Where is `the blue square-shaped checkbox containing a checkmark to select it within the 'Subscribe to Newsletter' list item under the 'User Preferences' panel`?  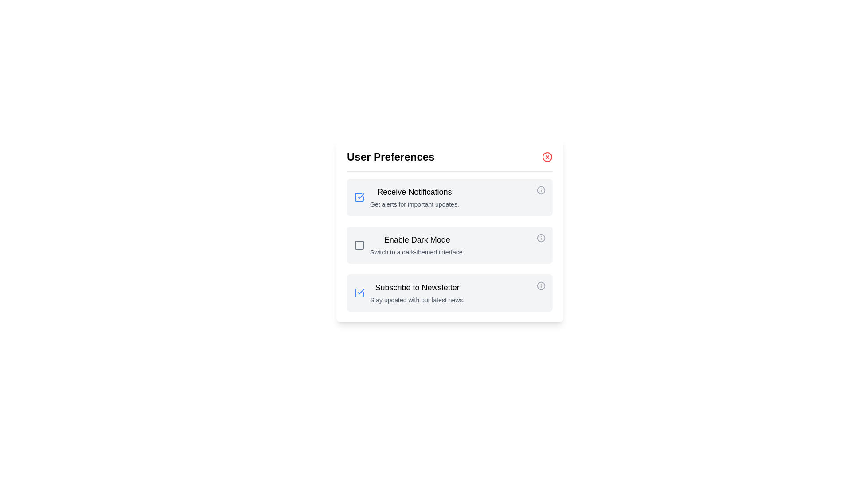
the blue square-shaped checkbox containing a checkmark to select it within the 'Subscribe to Newsletter' list item under the 'User Preferences' panel is located at coordinates (359, 293).